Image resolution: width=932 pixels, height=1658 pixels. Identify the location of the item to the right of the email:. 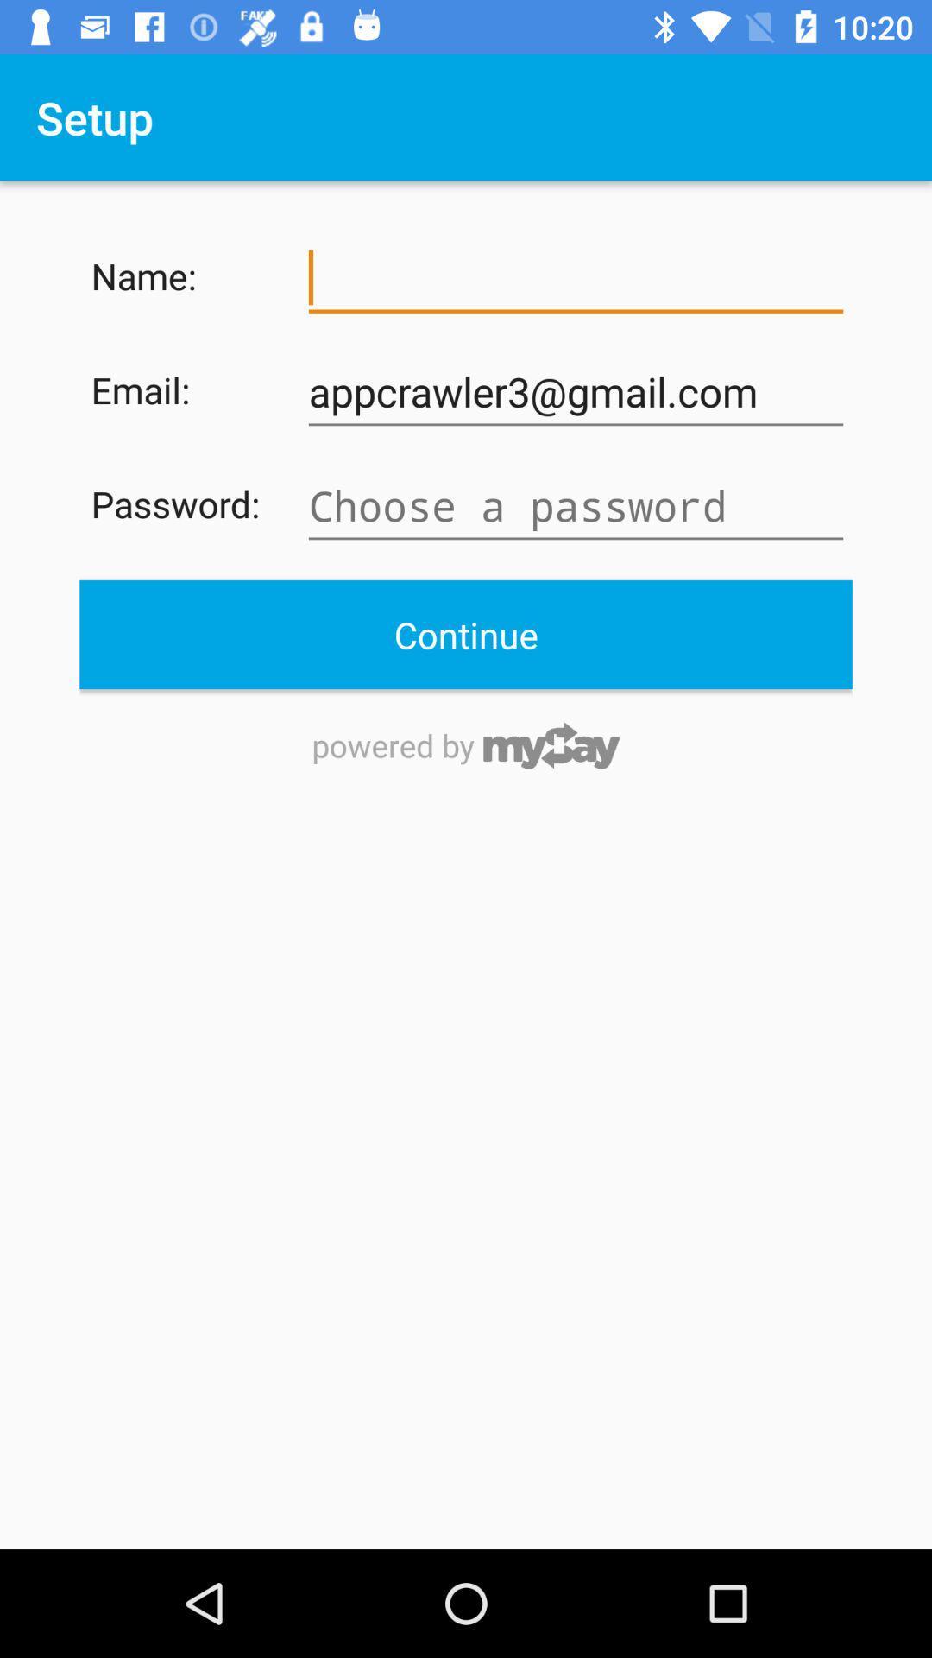
(576, 391).